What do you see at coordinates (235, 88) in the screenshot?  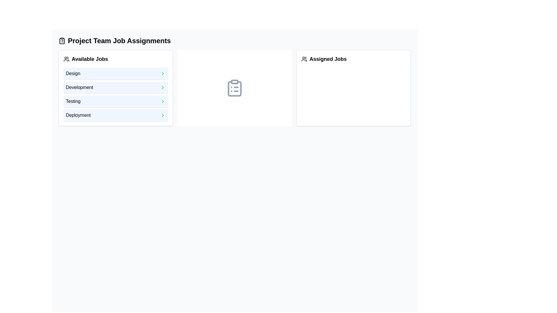 I see `the clipboard icon with a checkmark and list items, which is located in the middle card of a row of three cards` at bounding box center [235, 88].